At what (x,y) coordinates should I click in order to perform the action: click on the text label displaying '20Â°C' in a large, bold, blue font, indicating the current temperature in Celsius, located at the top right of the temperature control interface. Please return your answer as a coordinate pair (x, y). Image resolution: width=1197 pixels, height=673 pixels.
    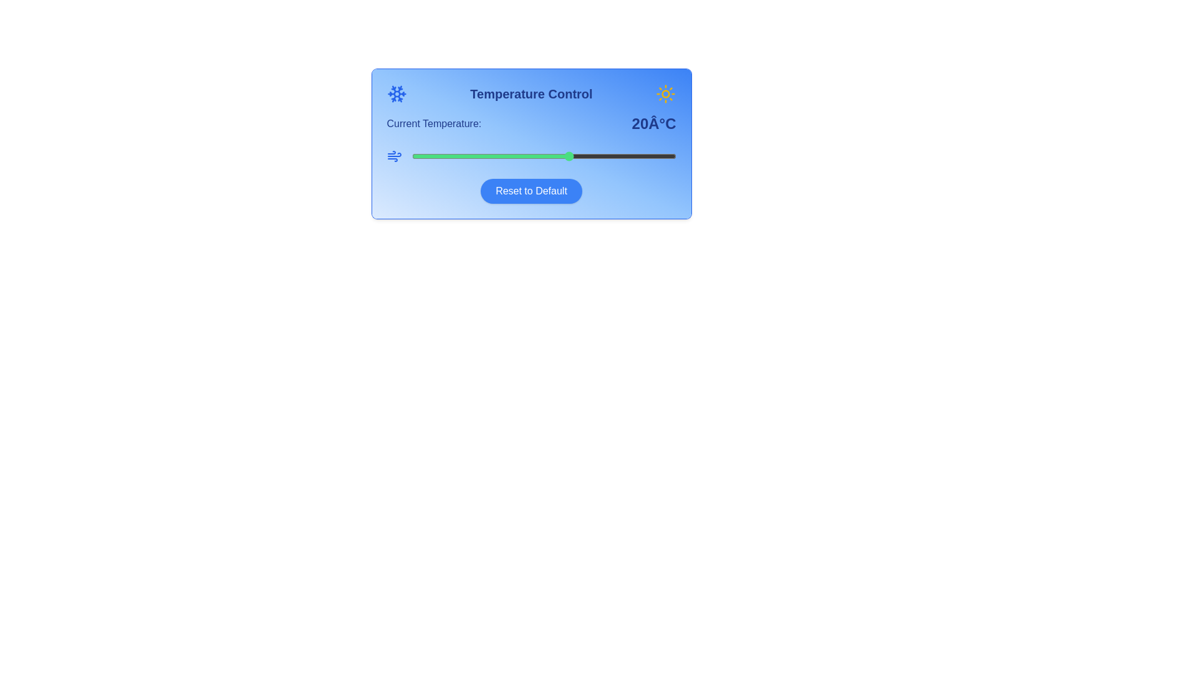
    Looking at the image, I should click on (653, 124).